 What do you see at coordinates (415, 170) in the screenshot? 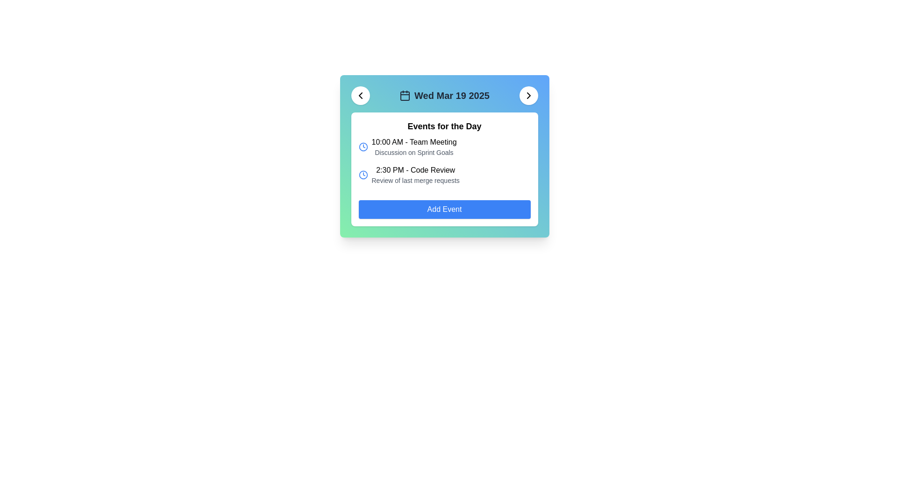
I see `the non-interactive text label displaying a scheduled event, which is located below '10:00 AM - Team Meeting' and above 'Review of last merge requests'` at bounding box center [415, 170].